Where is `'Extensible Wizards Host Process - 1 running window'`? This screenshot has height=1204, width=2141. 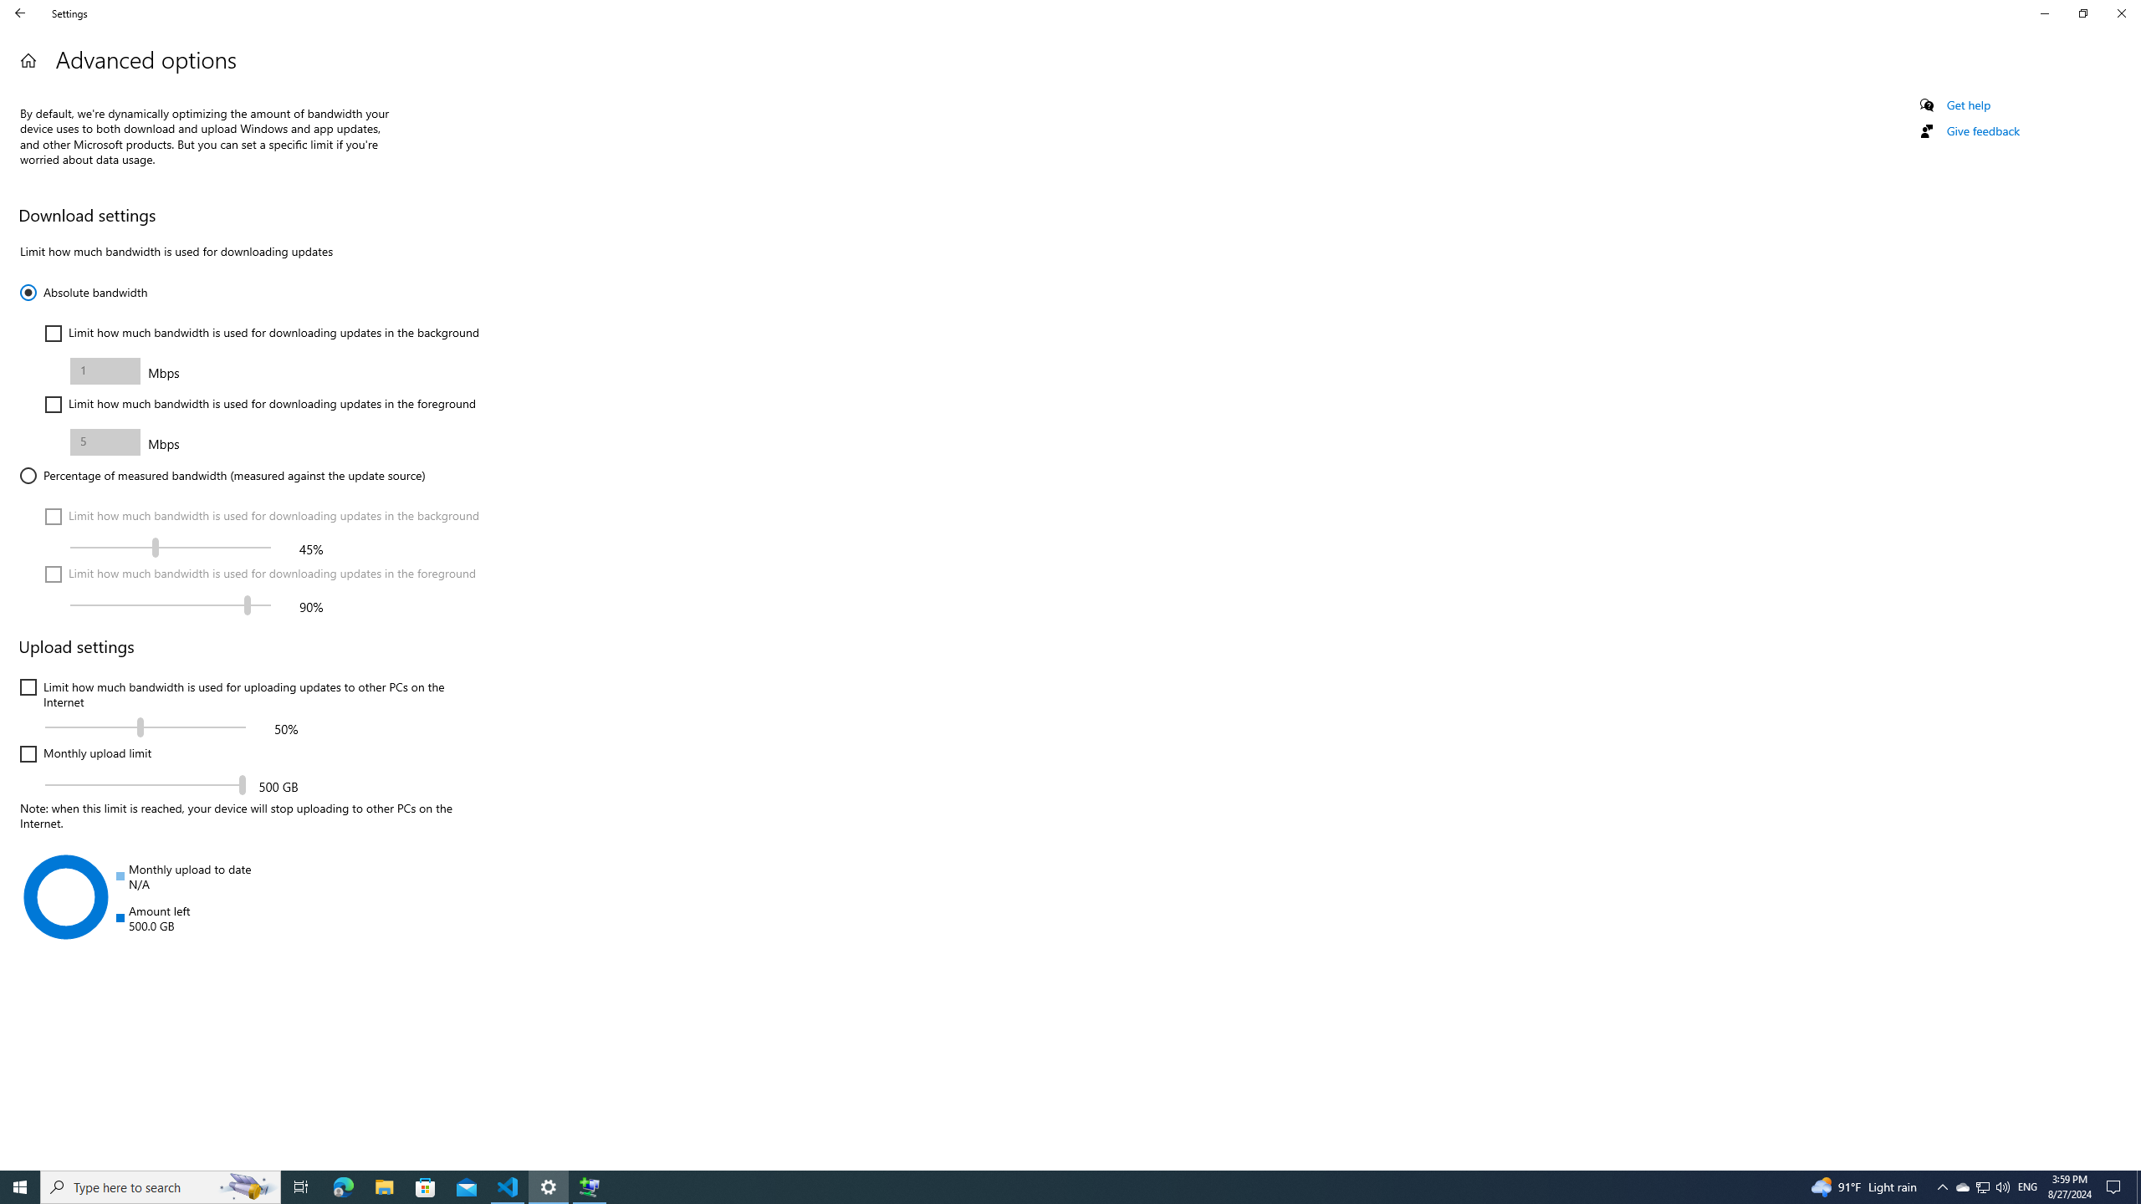
'Extensible Wizards Host Process - 1 running window' is located at coordinates (590, 1186).